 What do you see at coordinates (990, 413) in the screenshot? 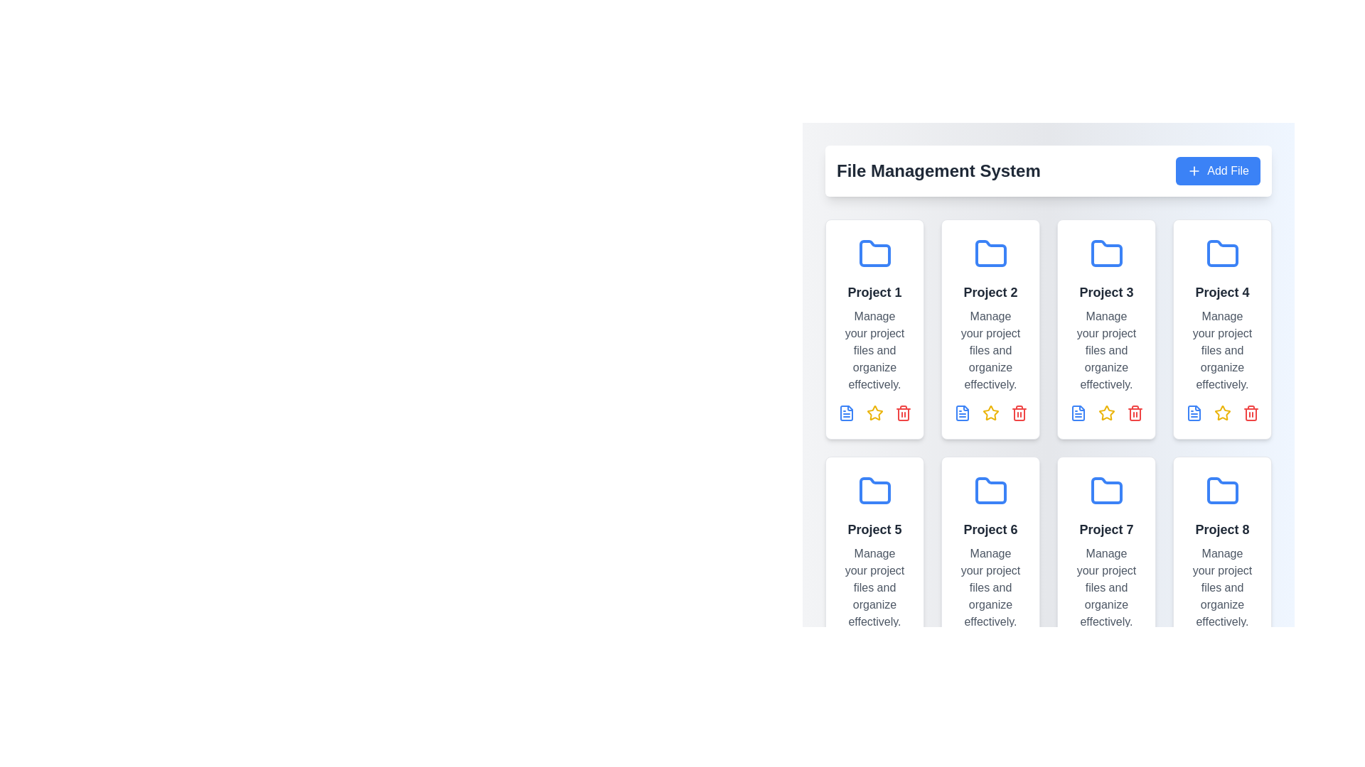
I see `the Icon button located in the action section of the Project 2 card to mark the project as favorite` at bounding box center [990, 413].